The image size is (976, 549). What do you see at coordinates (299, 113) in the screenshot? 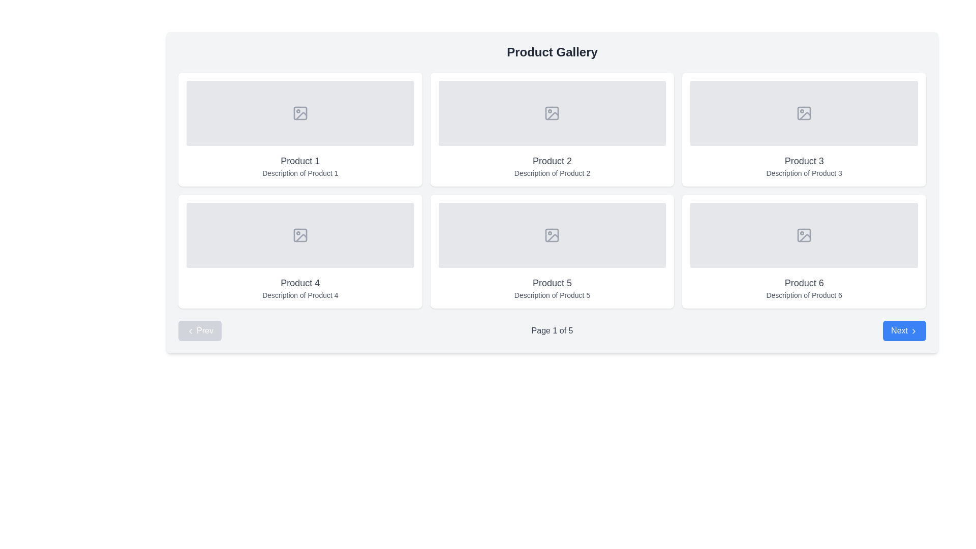
I see `the graphical representation of the primary rectangular shape within the photo icon located in the top-left card of the grid titled 'Product 1'` at bounding box center [299, 113].